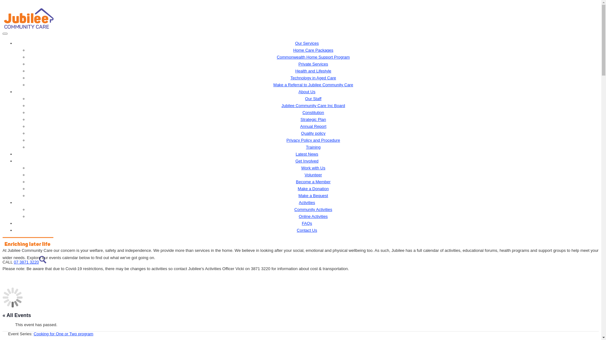 This screenshot has width=606, height=340. I want to click on 'Cooking for One or Two program', so click(63, 333).